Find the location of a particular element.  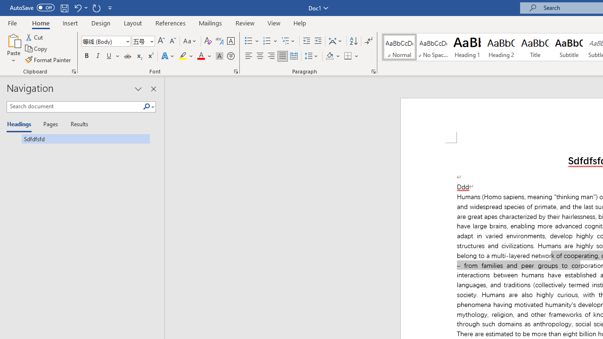

'Change Case' is located at coordinates (190, 40).